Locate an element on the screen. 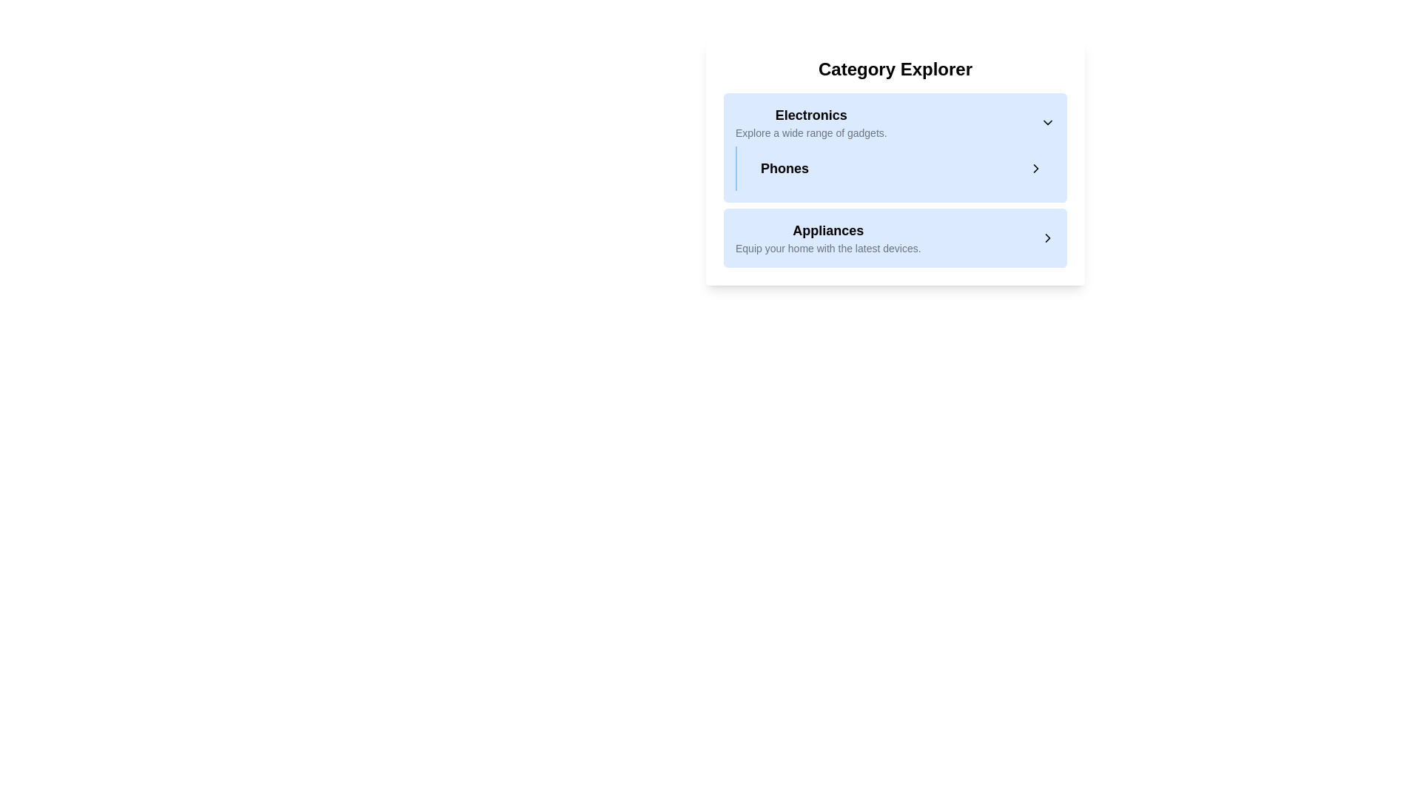 Image resolution: width=1421 pixels, height=799 pixels. the 'Electronics' collapsible section with navigation links, which contains the title 'Electronics' in bold and a description 'Explore a wide range of gadgets.' is located at coordinates (894, 148).